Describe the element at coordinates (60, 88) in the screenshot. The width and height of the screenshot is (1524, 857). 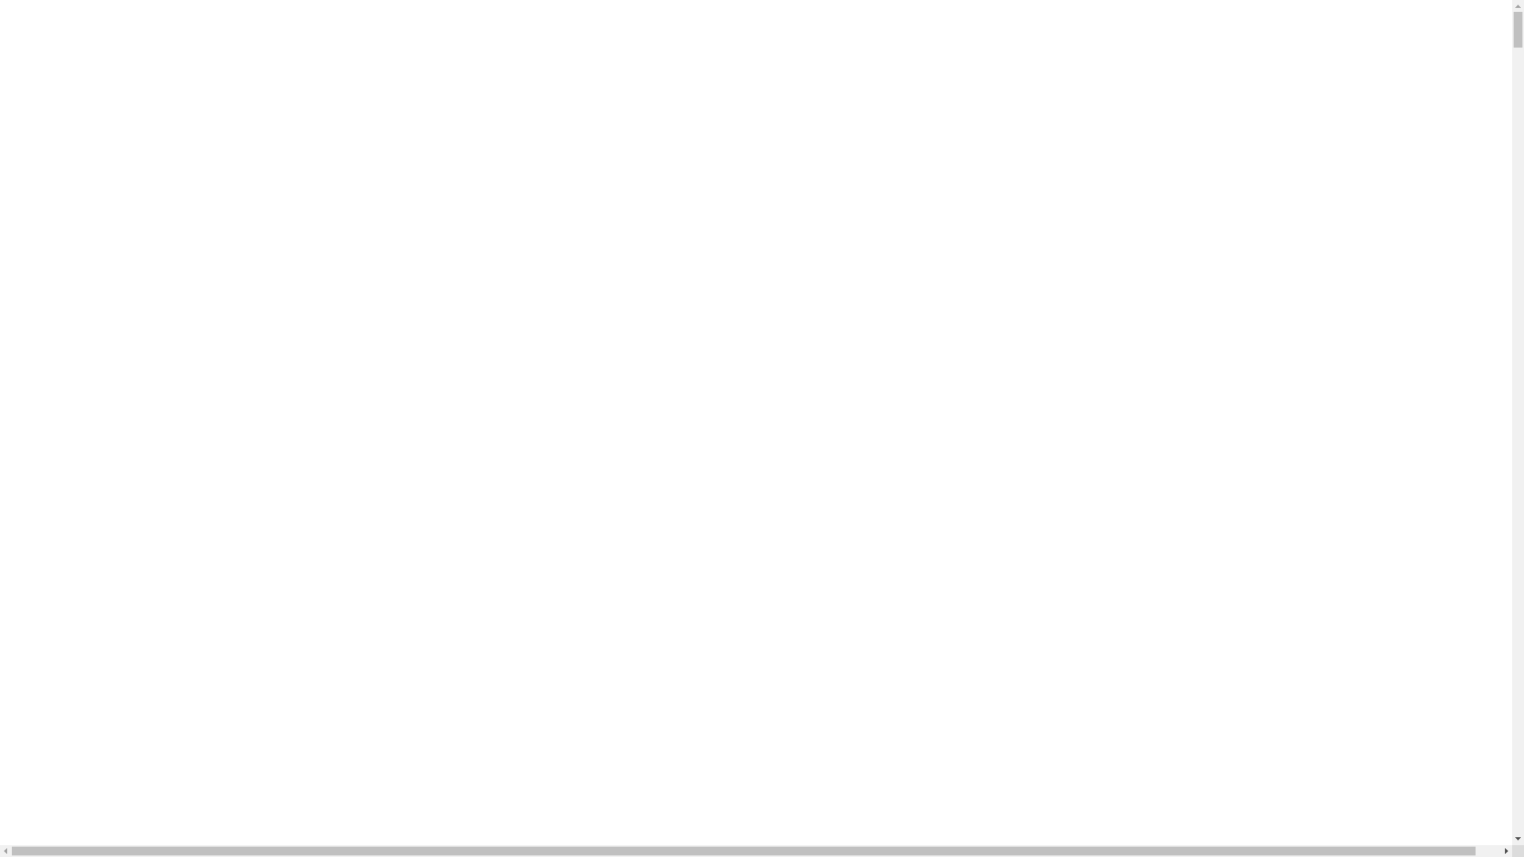
I see `'Log in'` at that location.